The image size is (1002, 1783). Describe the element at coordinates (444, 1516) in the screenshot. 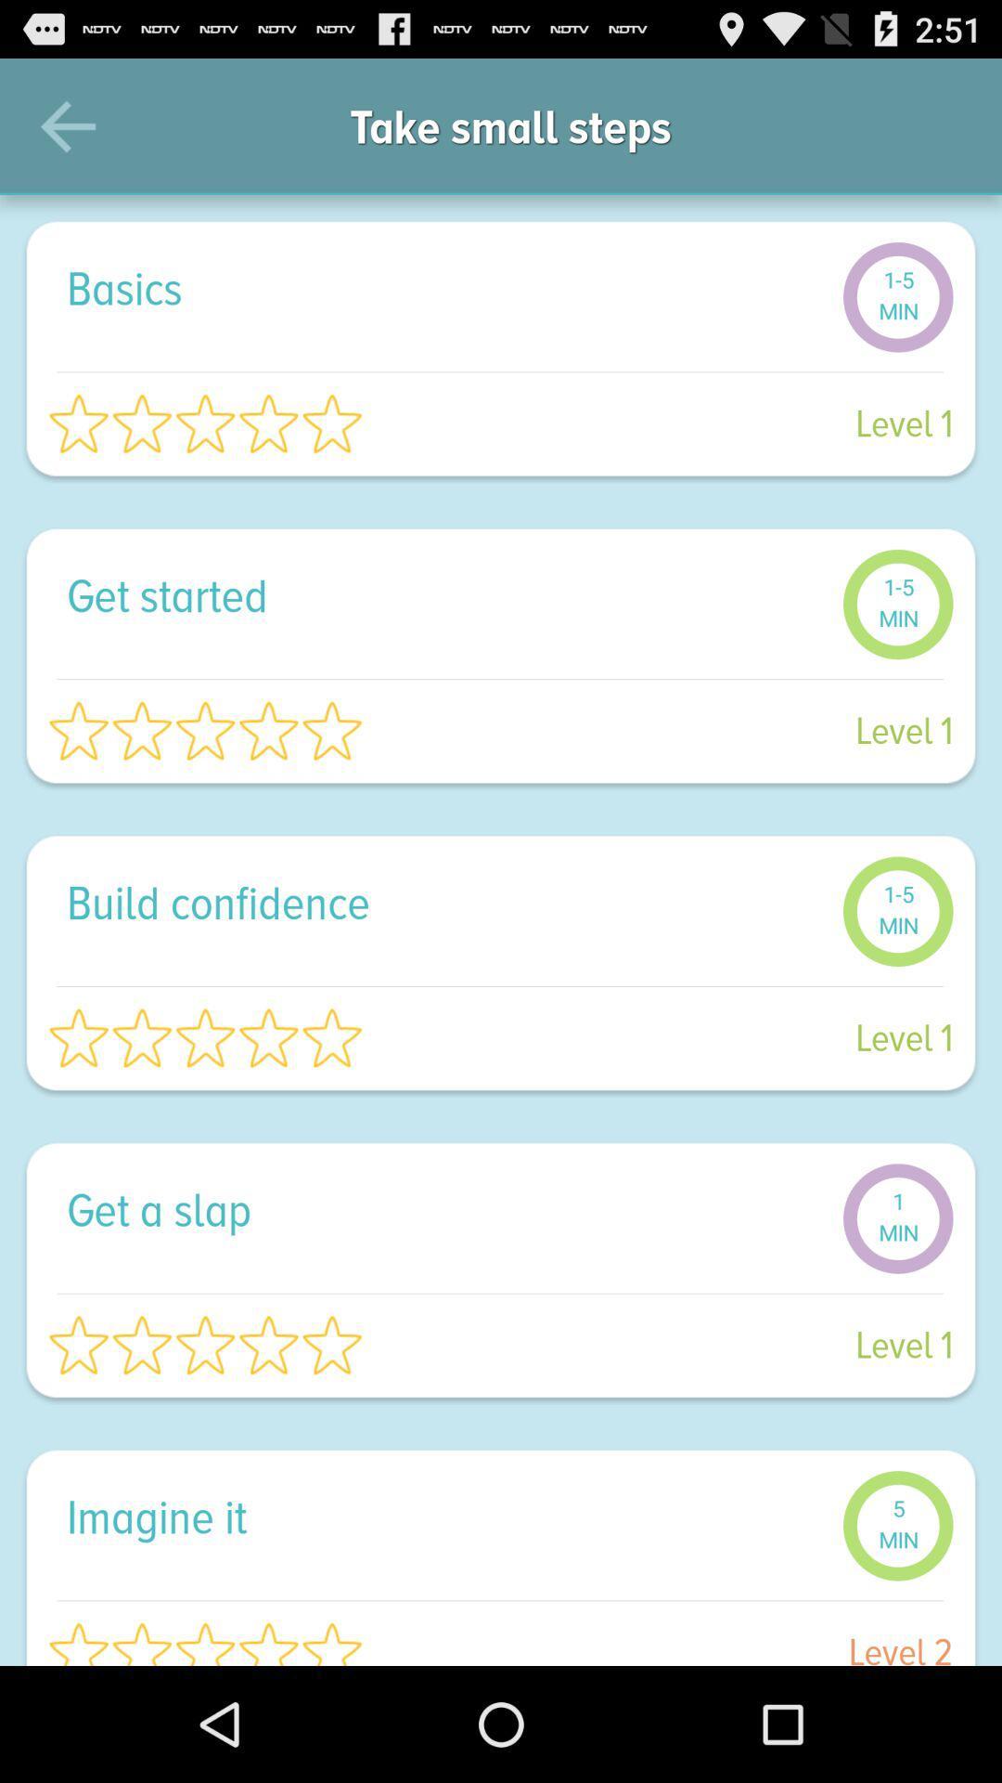

I see `imagine it` at that location.